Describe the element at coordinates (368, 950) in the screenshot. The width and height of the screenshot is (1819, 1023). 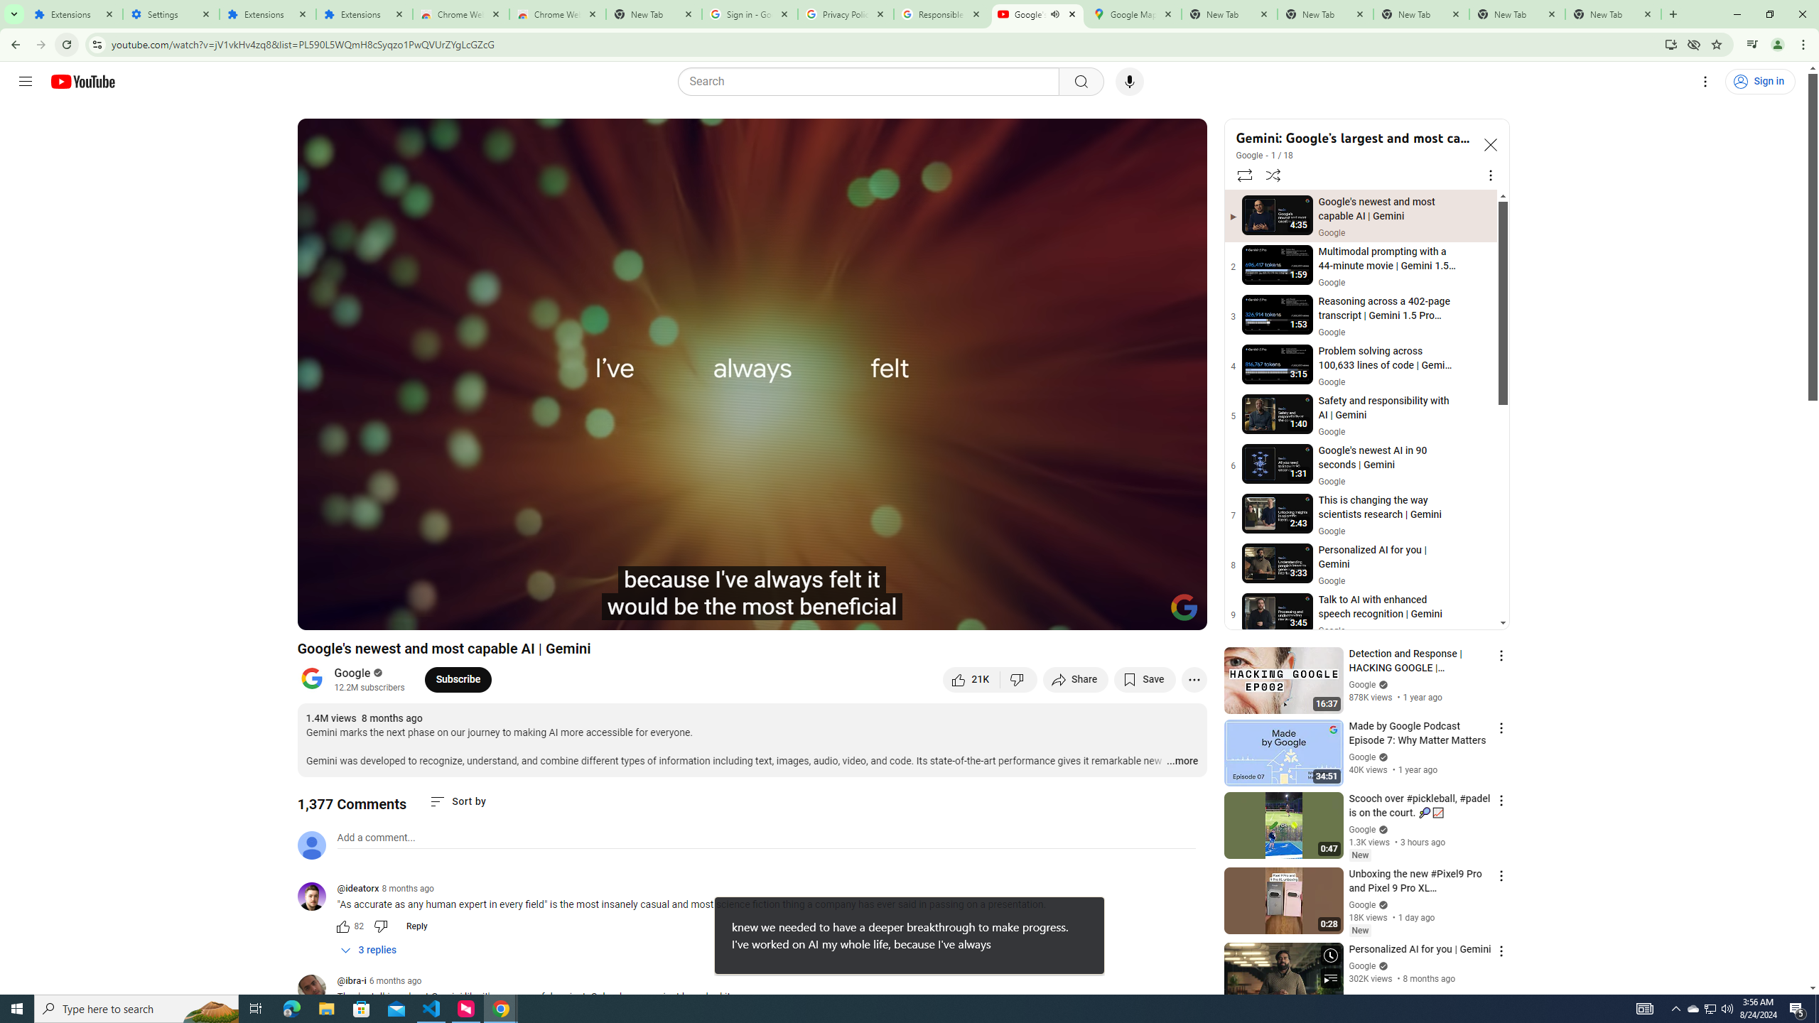
I see `'3 replies'` at that location.